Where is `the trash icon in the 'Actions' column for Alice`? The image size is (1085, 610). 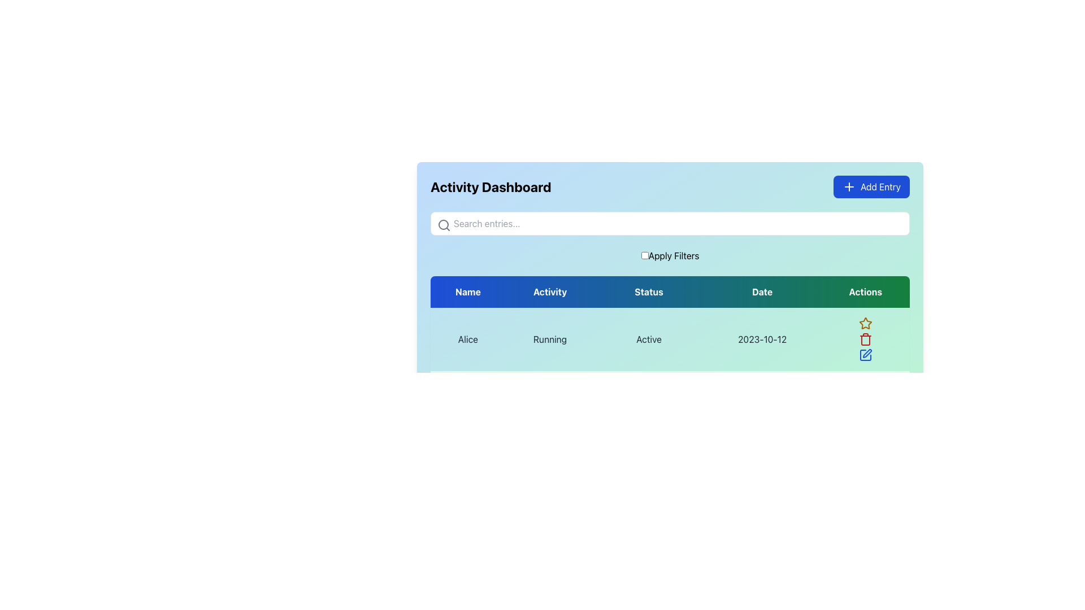 the trash icon in the 'Actions' column for Alice is located at coordinates (865, 339).